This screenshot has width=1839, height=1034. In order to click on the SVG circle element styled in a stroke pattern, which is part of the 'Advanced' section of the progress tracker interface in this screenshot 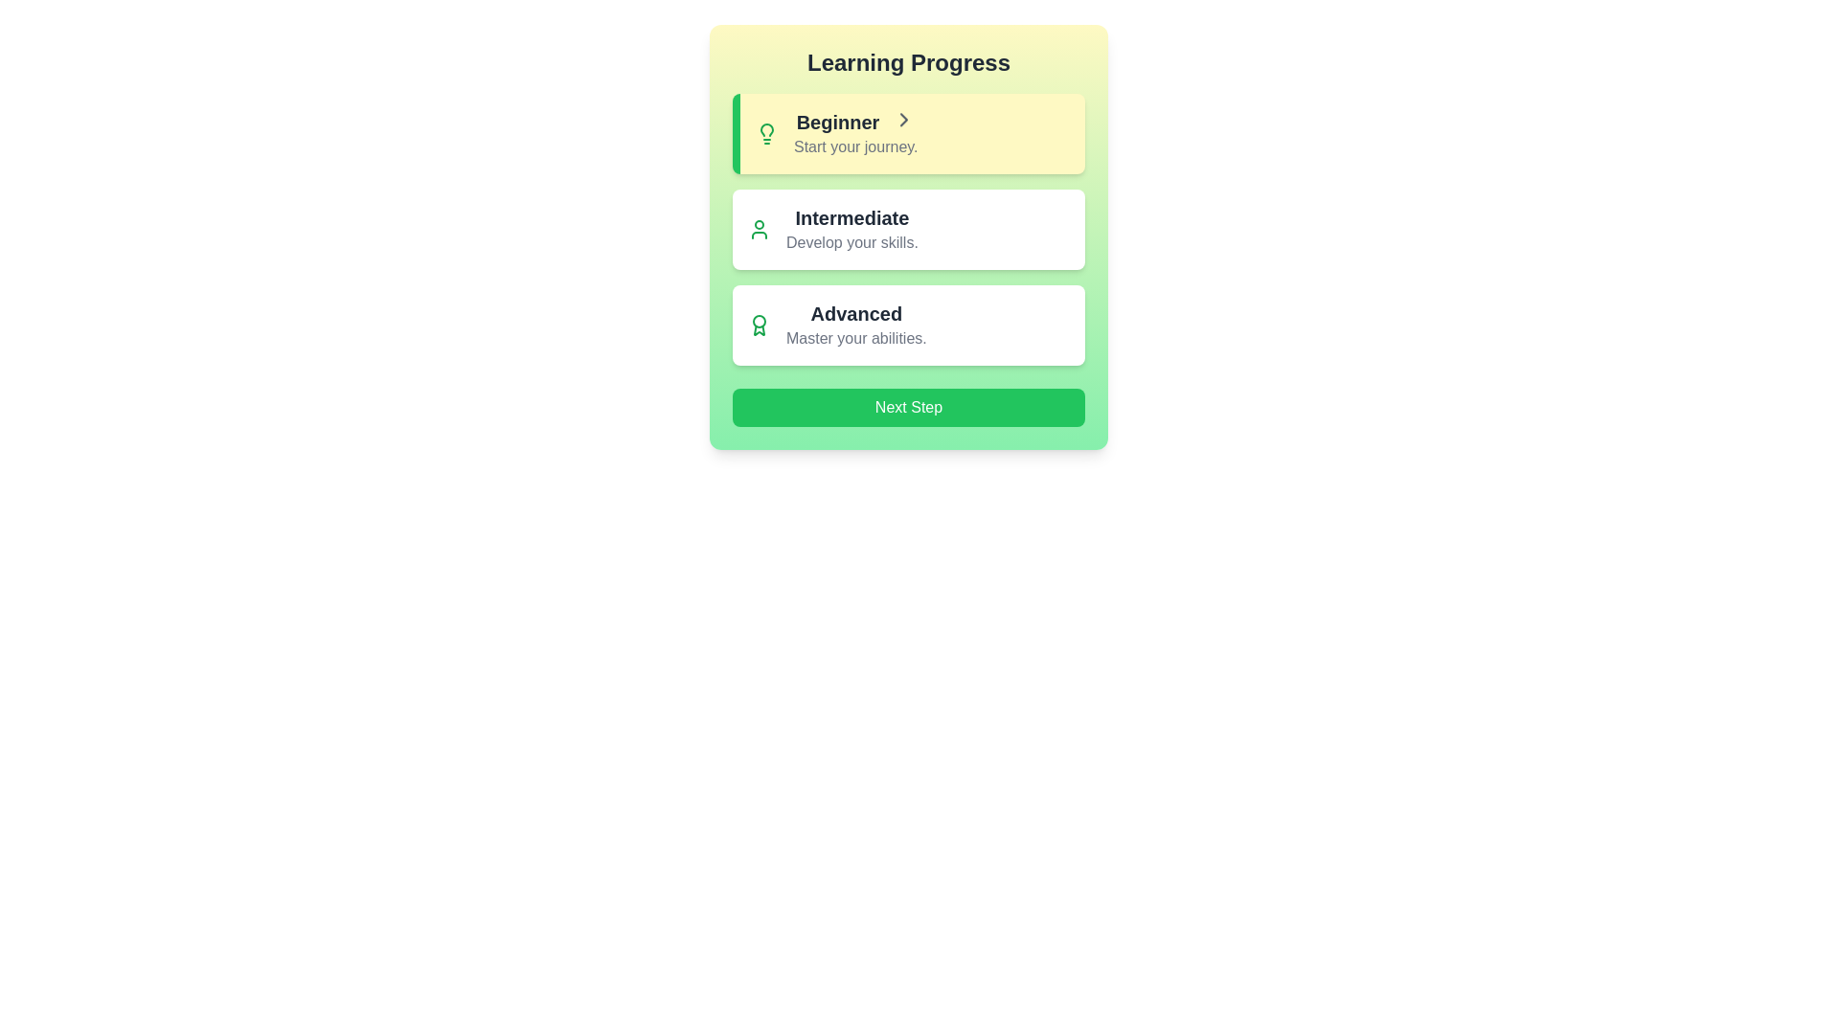, I will do `click(758, 320)`.